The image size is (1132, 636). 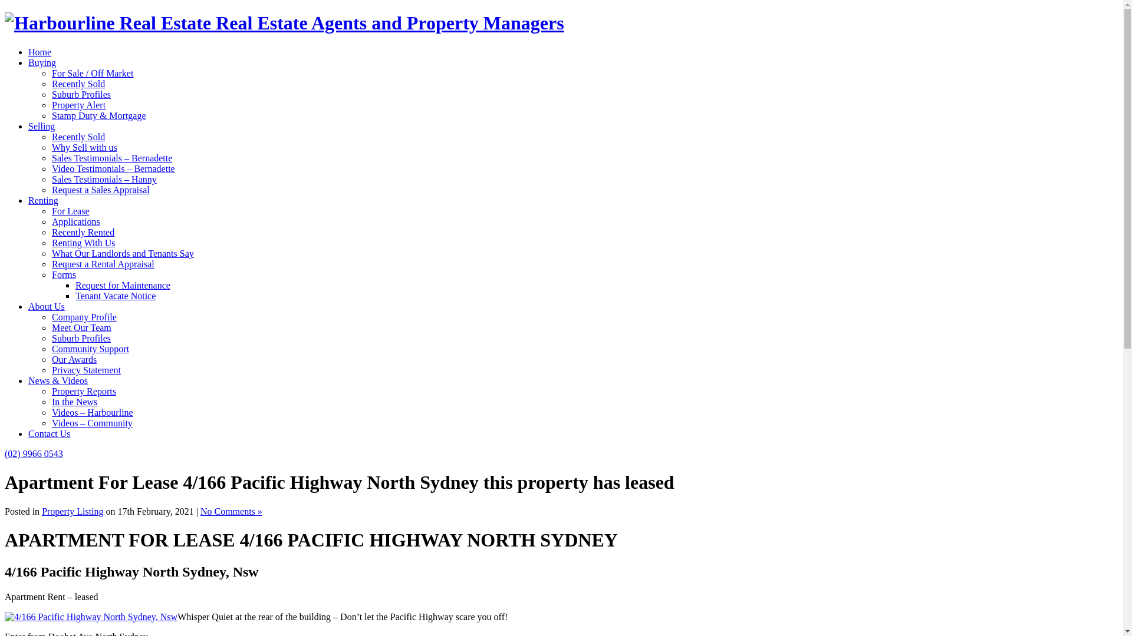 I want to click on '4/166 Pacific Highway North Sydney, Nsw', so click(x=90, y=616).